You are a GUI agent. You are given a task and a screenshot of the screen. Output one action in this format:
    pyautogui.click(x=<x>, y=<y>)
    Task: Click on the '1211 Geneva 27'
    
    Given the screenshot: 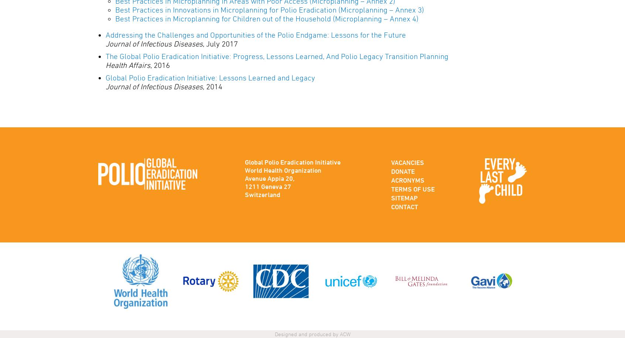 What is the action you would take?
    pyautogui.click(x=267, y=186)
    